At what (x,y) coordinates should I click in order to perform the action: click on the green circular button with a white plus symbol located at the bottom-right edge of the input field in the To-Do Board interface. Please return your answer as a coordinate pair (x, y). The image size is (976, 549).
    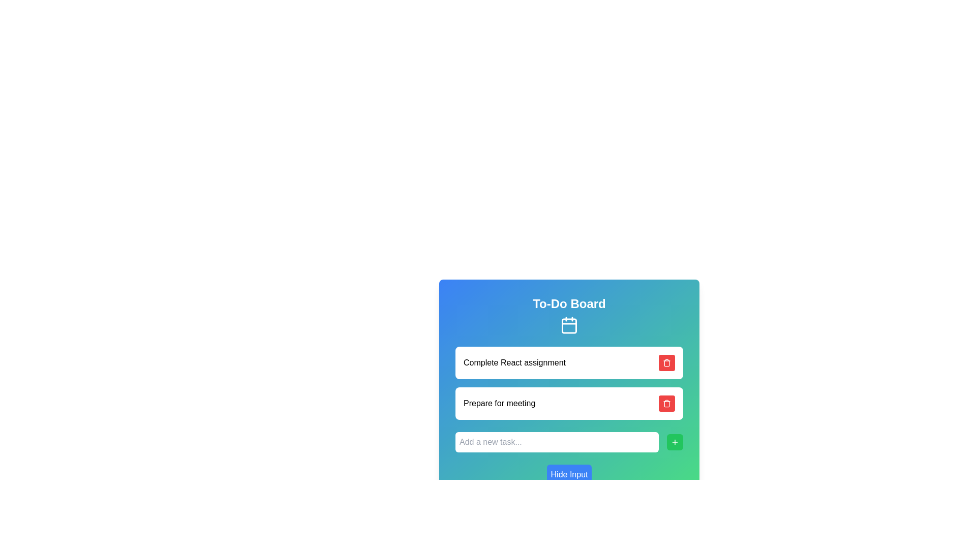
    Looking at the image, I should click on (675, 442).